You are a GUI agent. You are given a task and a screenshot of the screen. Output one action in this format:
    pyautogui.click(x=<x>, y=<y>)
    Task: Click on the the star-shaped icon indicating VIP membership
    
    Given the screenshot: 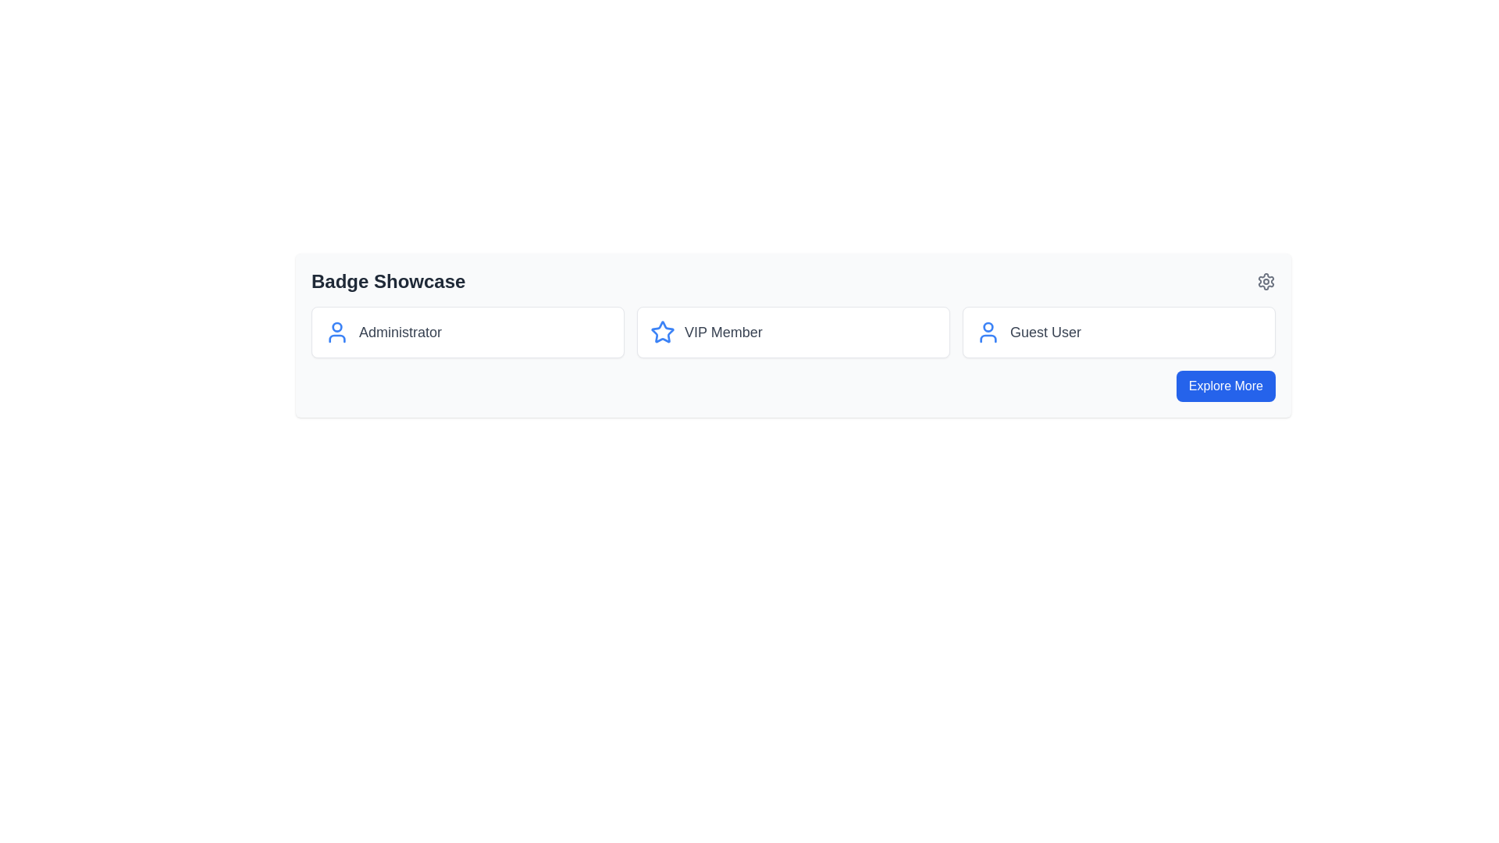 What is the action you would take?
    pyautogui.click(x=663, y=331)
    